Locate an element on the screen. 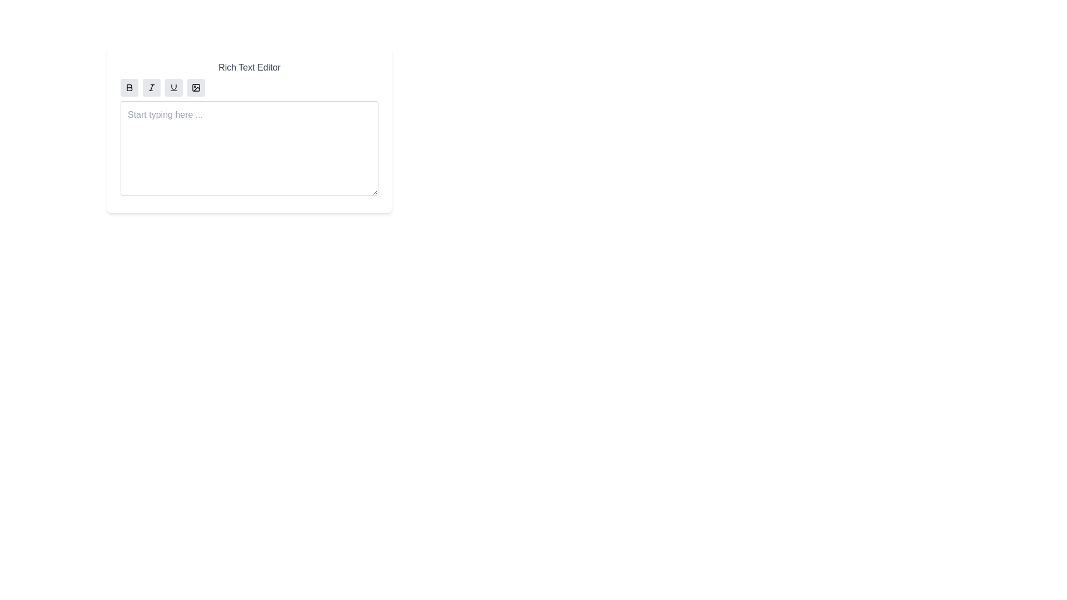  the third button in the horizontal toolbar of the Rich Text Editor is located at coordinates (173, 87).